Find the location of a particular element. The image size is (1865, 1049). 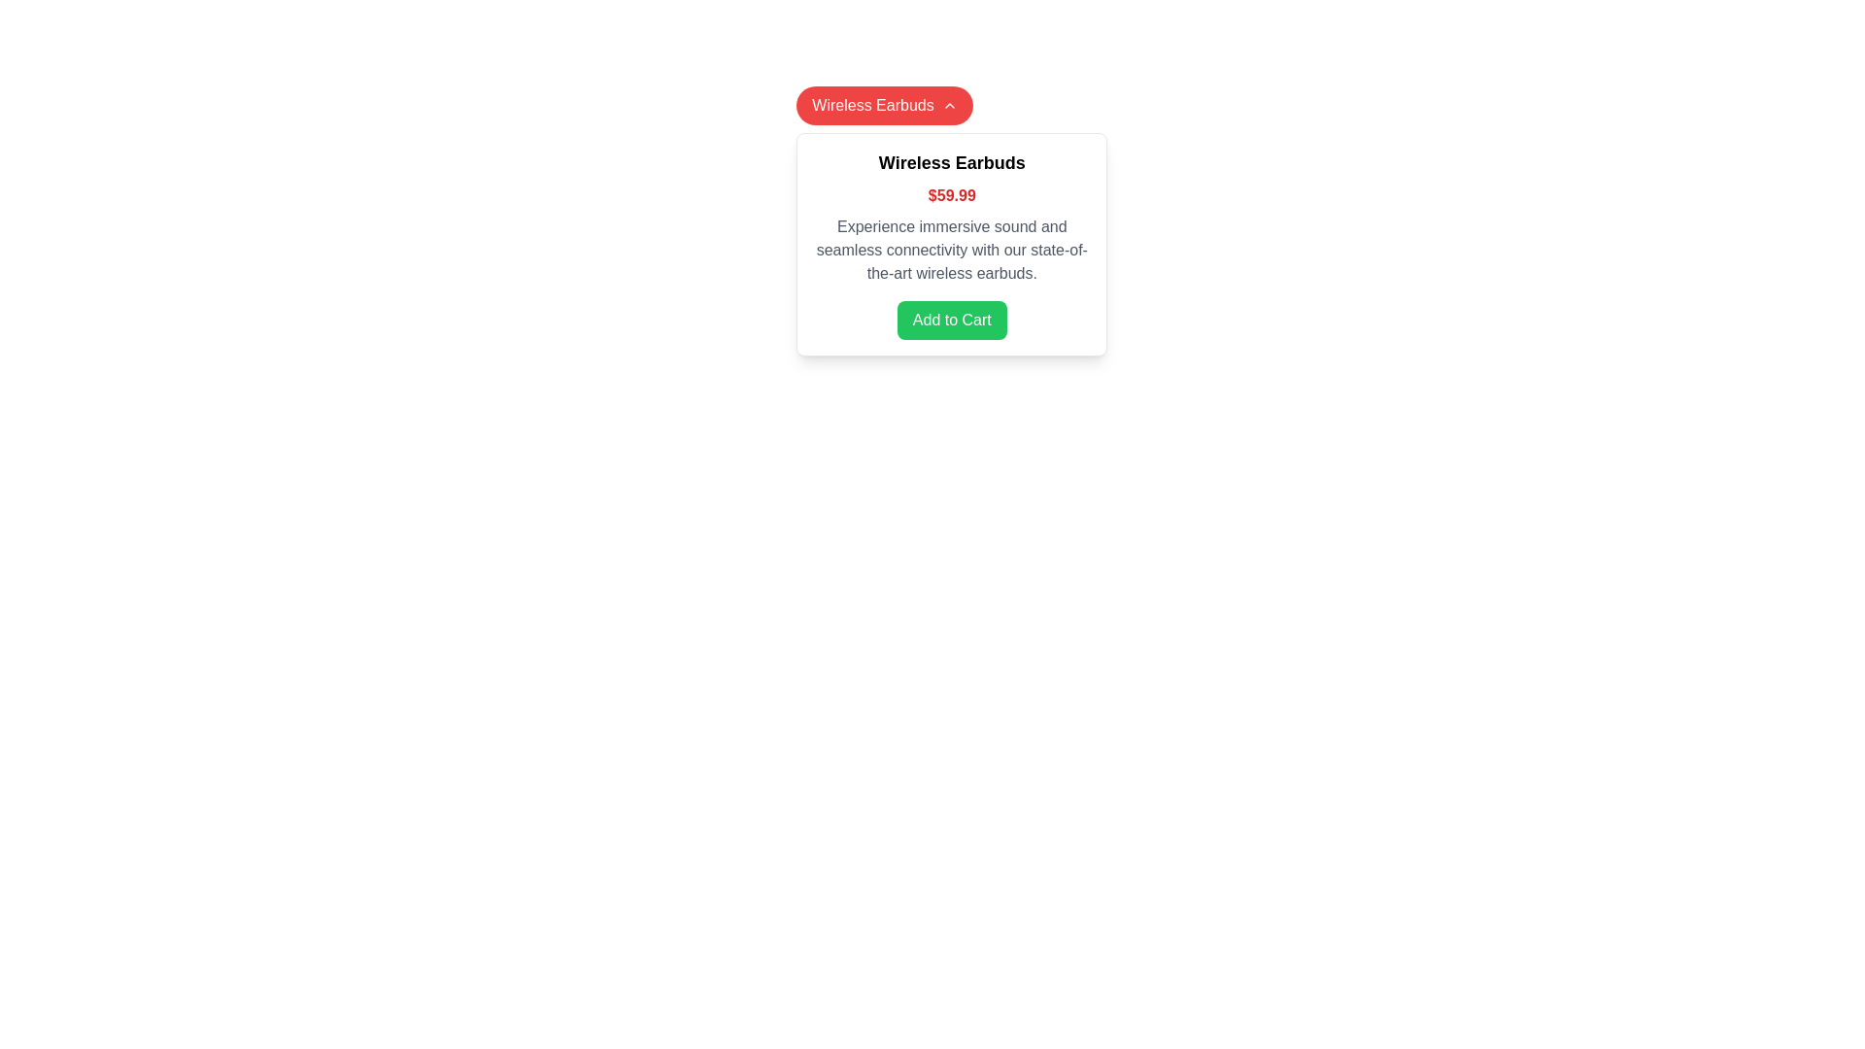

the small up-pointing chevron icon located at the rightmost end of the red button labeled 'Wireless Earbuds' on the white promotional card is located at coordinates (949, 105).